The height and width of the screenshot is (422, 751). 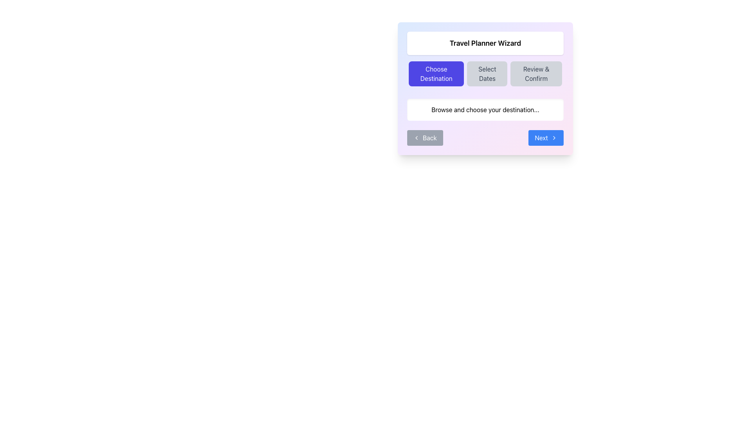 What do you see at coordinates (546, 138) in the screenshot?
I see `the 'Next' button with a blue background and white text` at bounding box center [546, 138].